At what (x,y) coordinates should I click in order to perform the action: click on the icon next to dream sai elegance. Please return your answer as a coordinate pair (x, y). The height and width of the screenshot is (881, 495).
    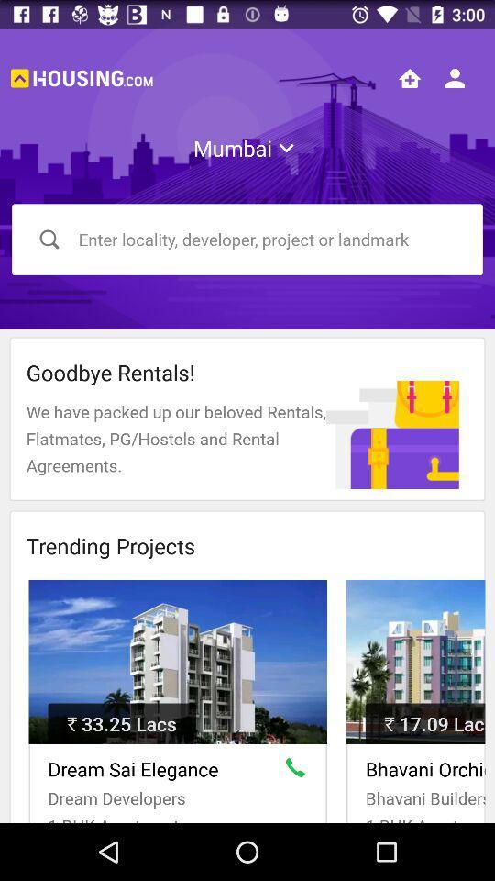
    Looking at the image, I should click on (299, 771).